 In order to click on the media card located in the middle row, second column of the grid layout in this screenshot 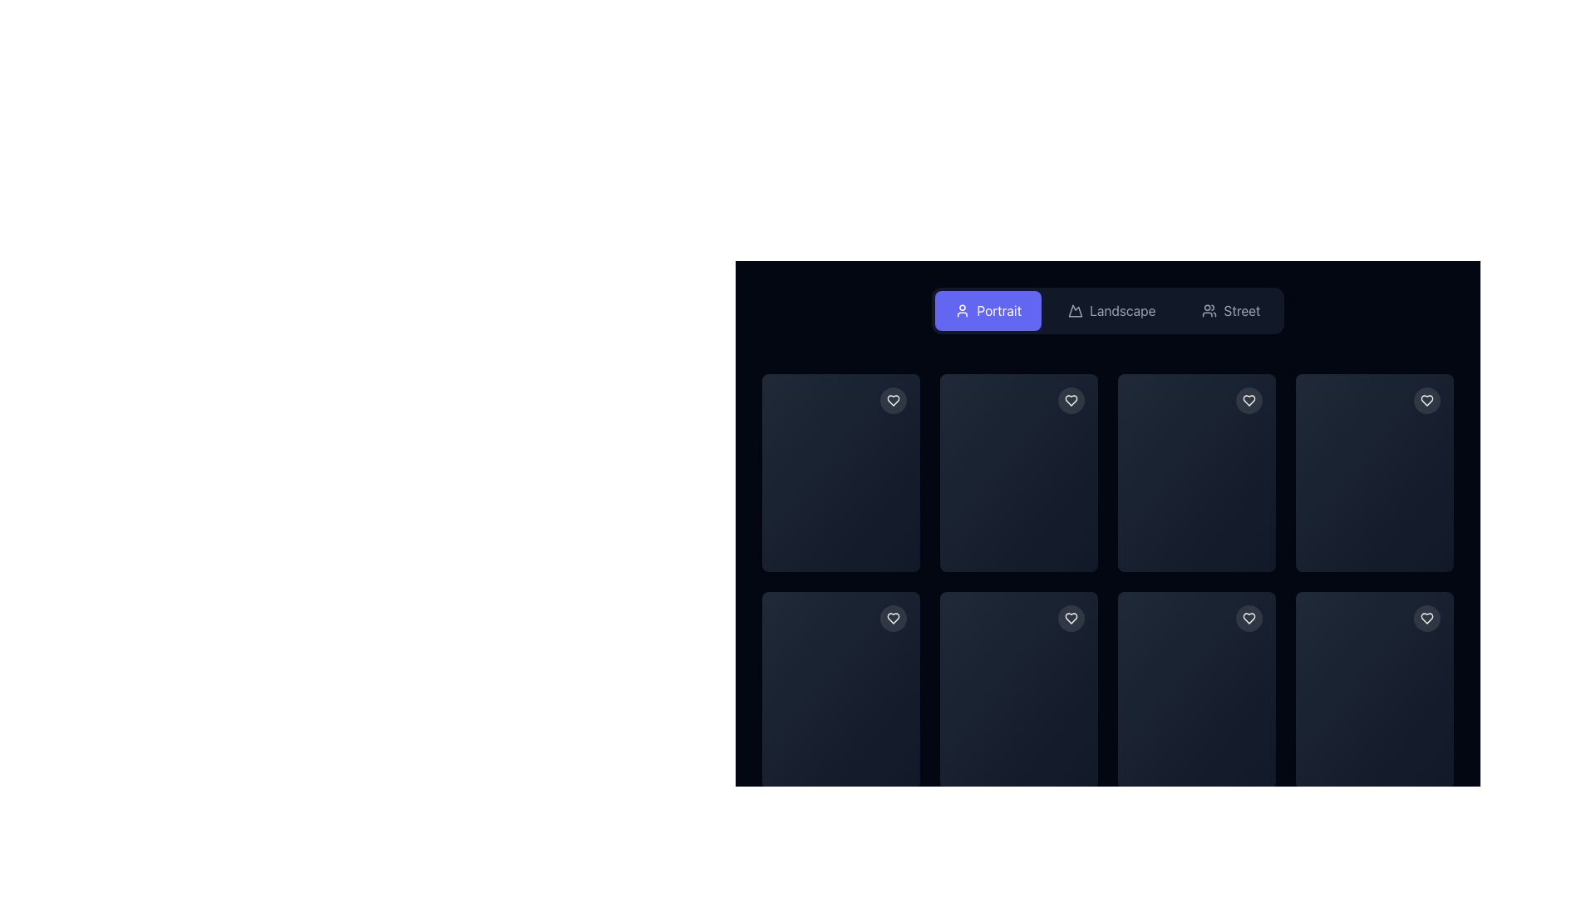, I will do `click(1017, 532)`.